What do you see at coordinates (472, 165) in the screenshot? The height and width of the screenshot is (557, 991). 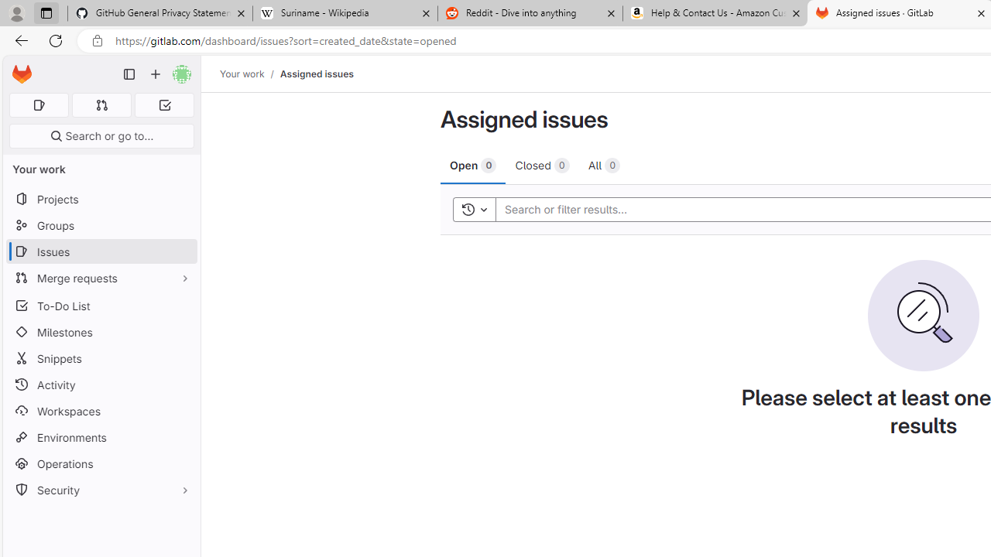 I see `'Open 0'` at bounding box center [472, 165].